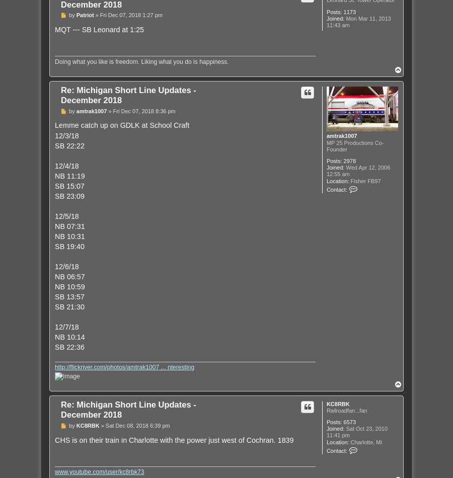 The image size is (453, 478). I want to click on 'NB 06:57', so click(69, 276).